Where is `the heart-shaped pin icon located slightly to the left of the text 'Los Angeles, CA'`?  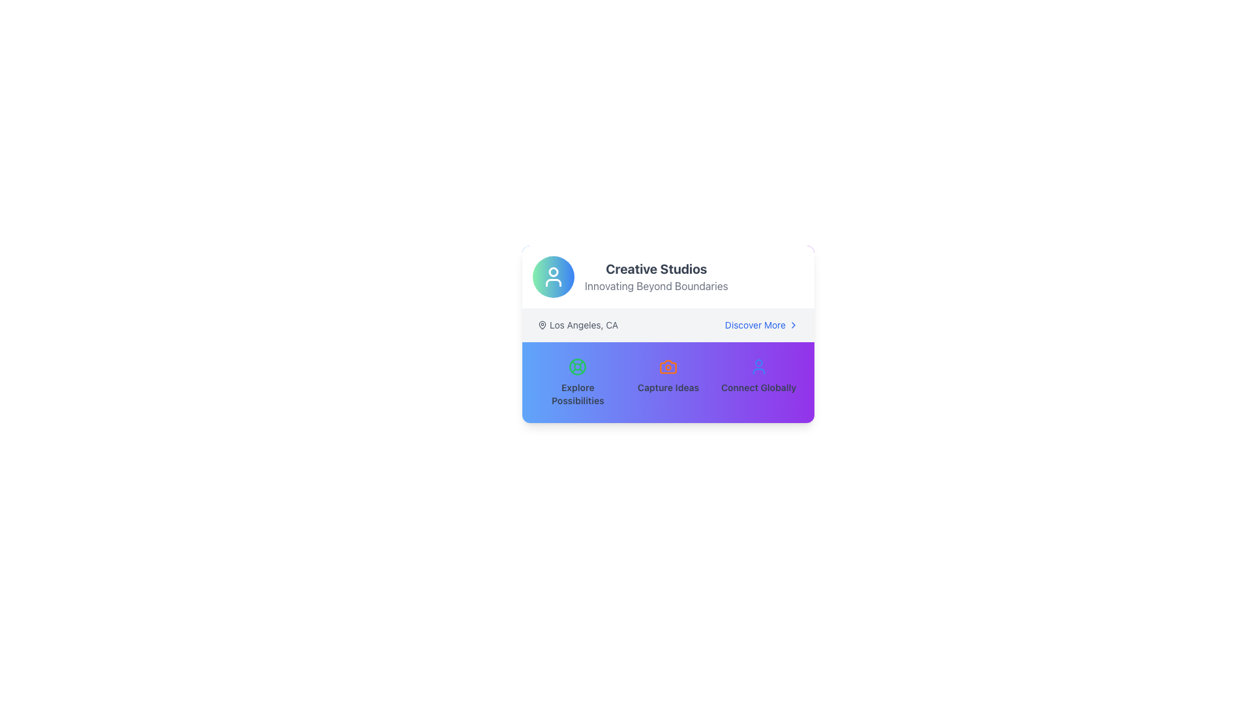 the heart-shaped pin icon located slightly to the left of the text 'Los Angeles, CA' is located at coordinates (542, 323).